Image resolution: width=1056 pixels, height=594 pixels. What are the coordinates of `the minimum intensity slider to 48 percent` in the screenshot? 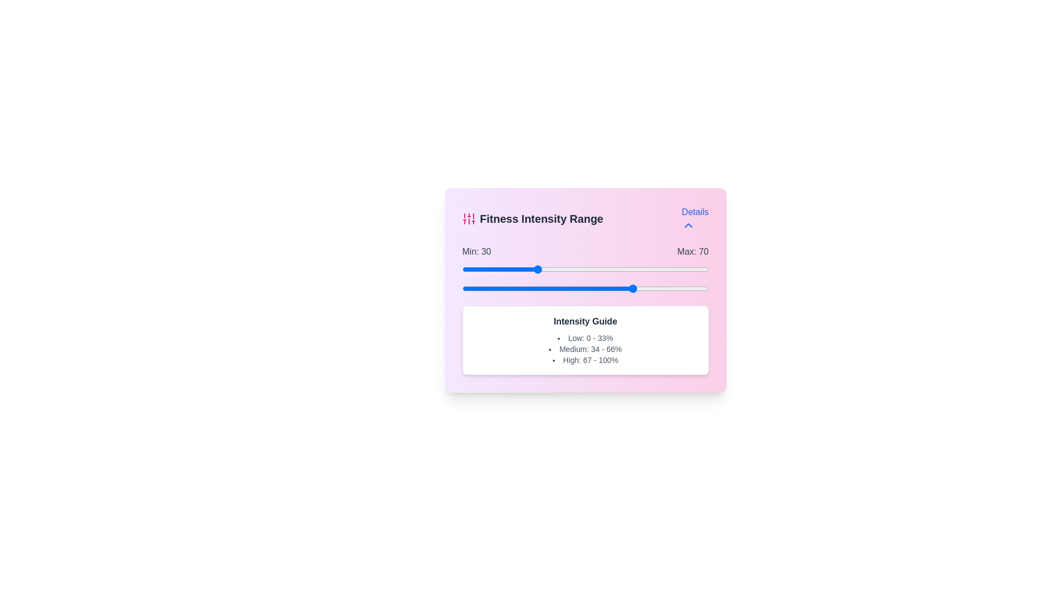 It's located at (580, 269).